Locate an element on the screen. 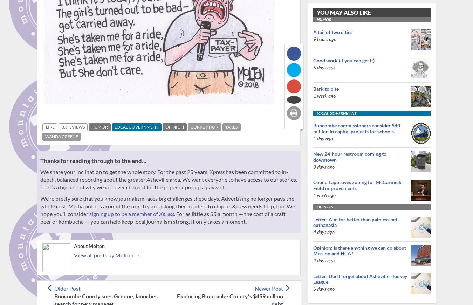 The width and height of the screenshot is (473, 305). 'has been committed to in-depth, balanced reporting about the greater Asheville area. We want everyone to have access to our stories. That’s a big part of why we've never charged for the paper or put up a paywall.' is located at coordinates (168, 179).